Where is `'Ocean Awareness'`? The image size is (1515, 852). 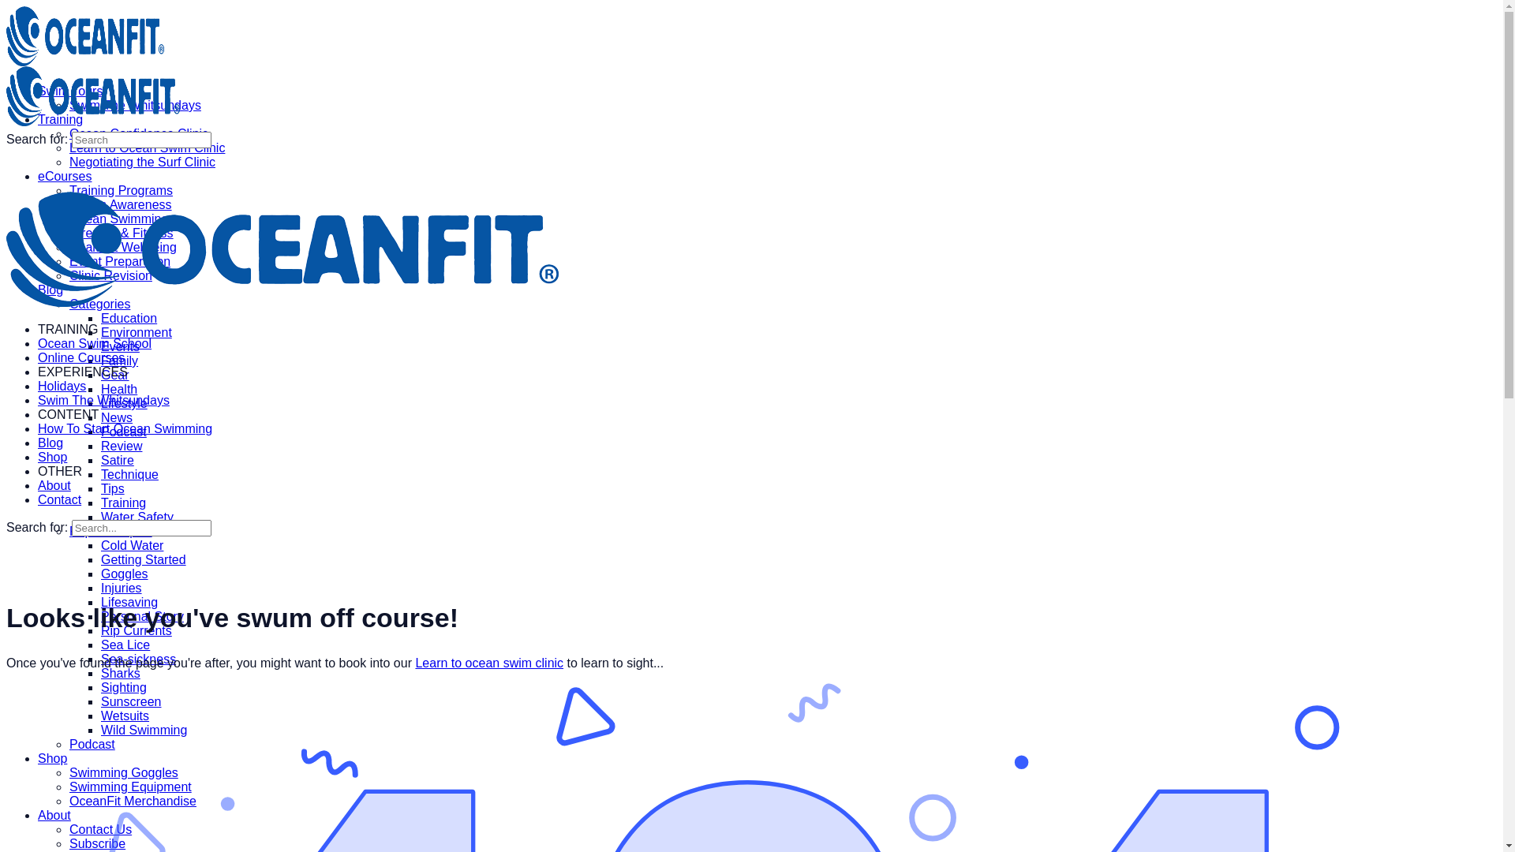 'Ocean Awareness' is located at coordinates (120, 204).